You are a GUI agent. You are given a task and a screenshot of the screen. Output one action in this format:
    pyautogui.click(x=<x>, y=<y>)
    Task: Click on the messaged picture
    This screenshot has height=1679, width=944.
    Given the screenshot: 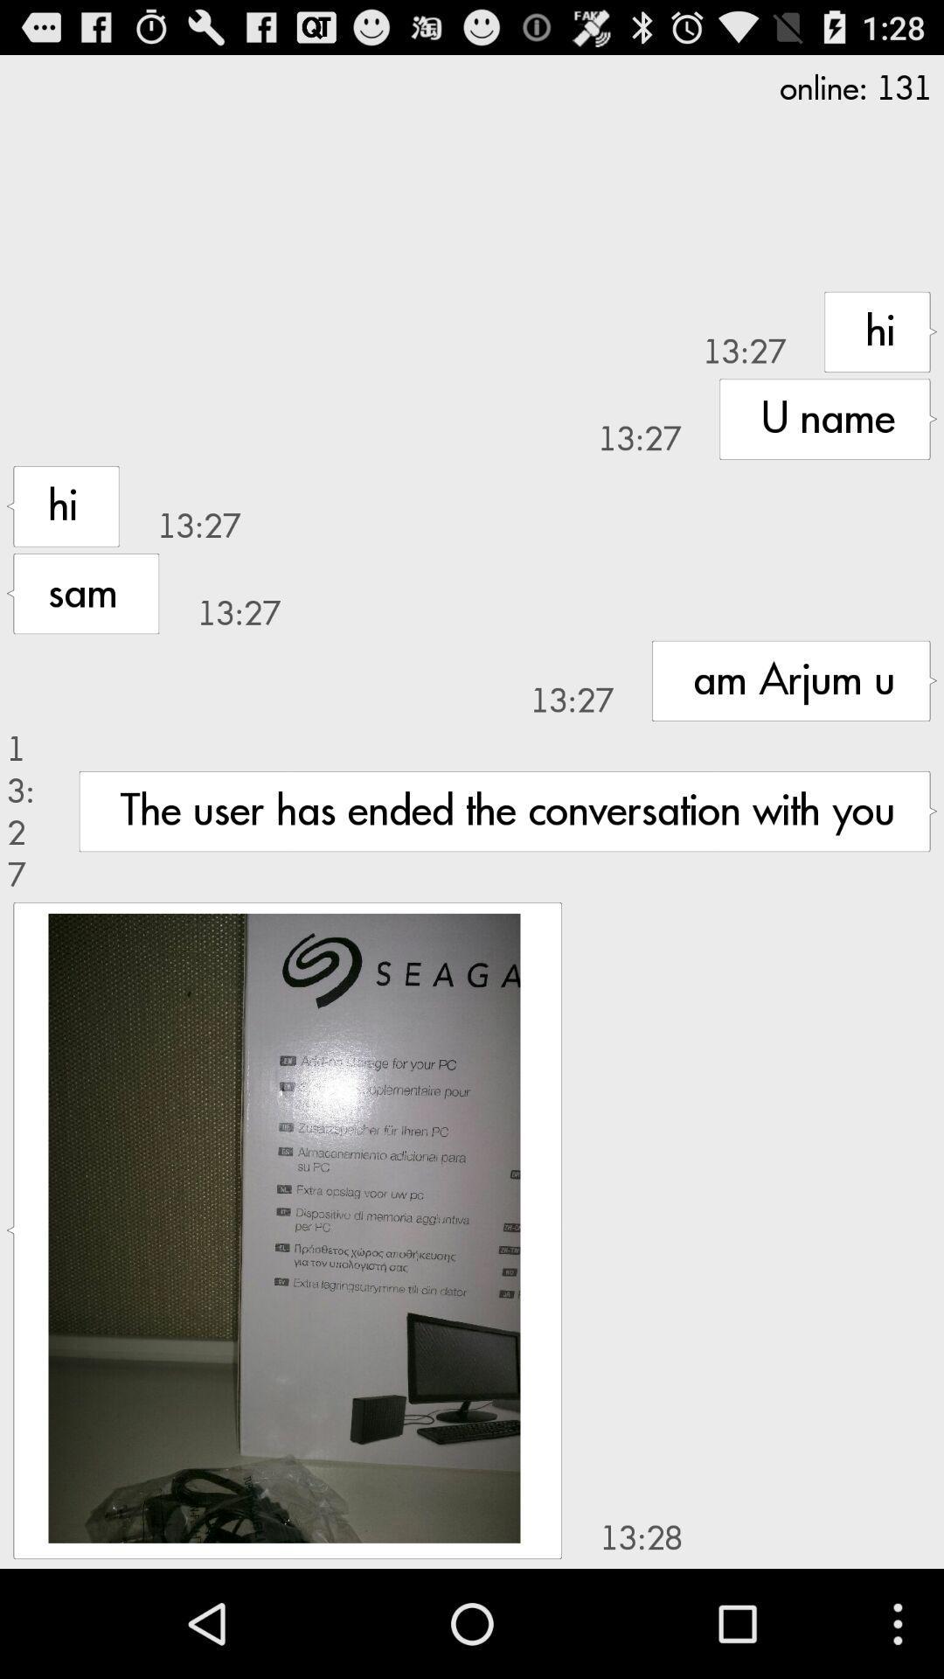 What is the action you would take?
    pyautogui.click(x=283, y=1227)
    